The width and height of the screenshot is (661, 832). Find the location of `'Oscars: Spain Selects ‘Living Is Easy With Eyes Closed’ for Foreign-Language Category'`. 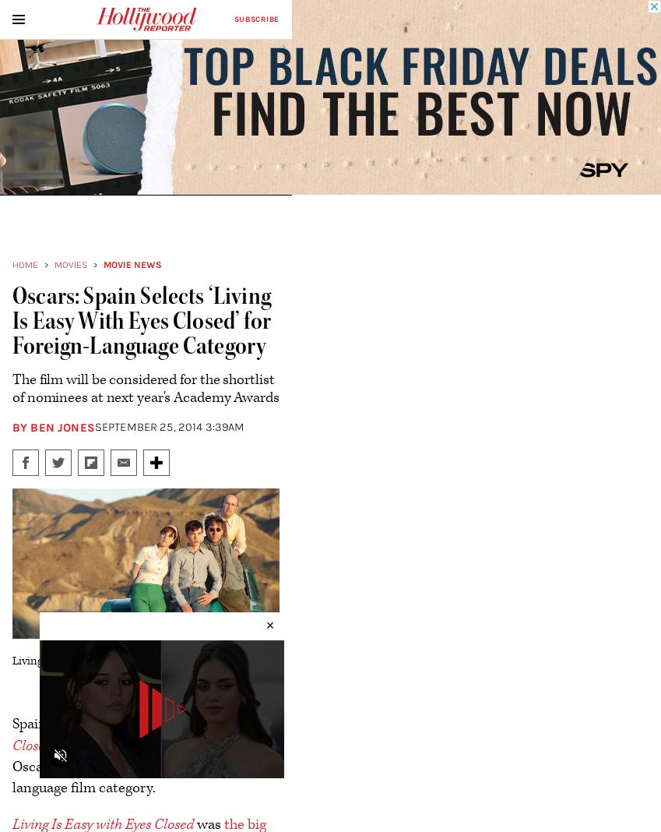

'Oscars: Spain Selects ‘Living Is Easy With Eyes Closed’ for Foreign-Language Category' is located at coordinates (141, 320).